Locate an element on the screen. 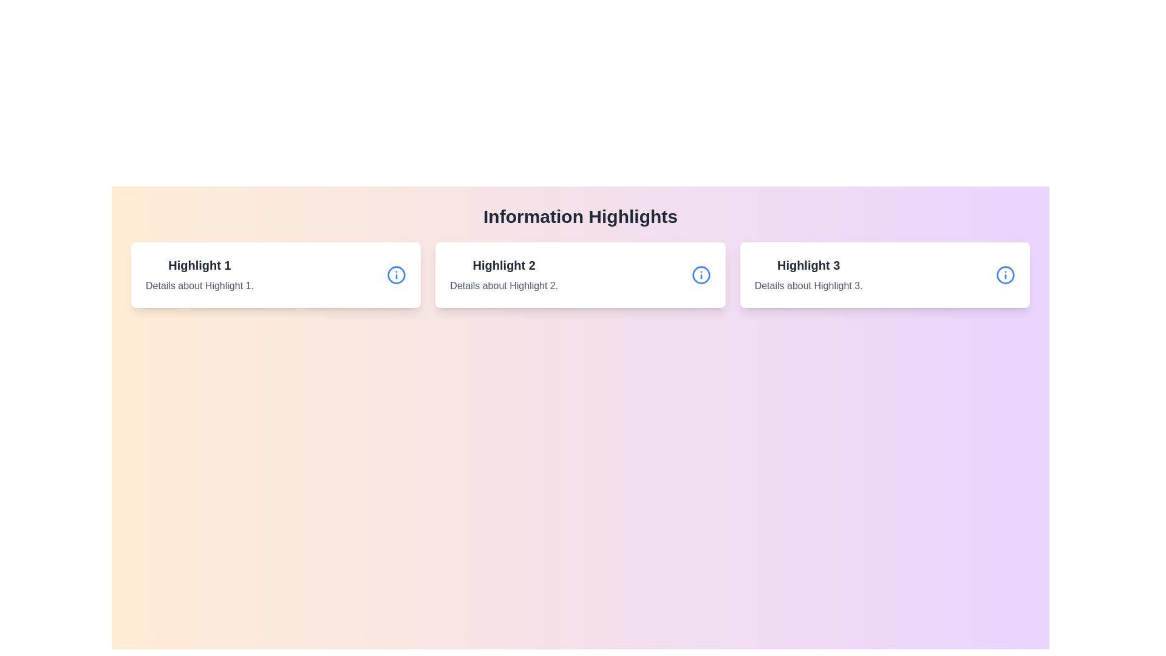 This screenshot has width=1166, height=656. the blue circle SVG element centered within the icon of the card labeled 'Highlight 1' is located at coordinates (397, 275).